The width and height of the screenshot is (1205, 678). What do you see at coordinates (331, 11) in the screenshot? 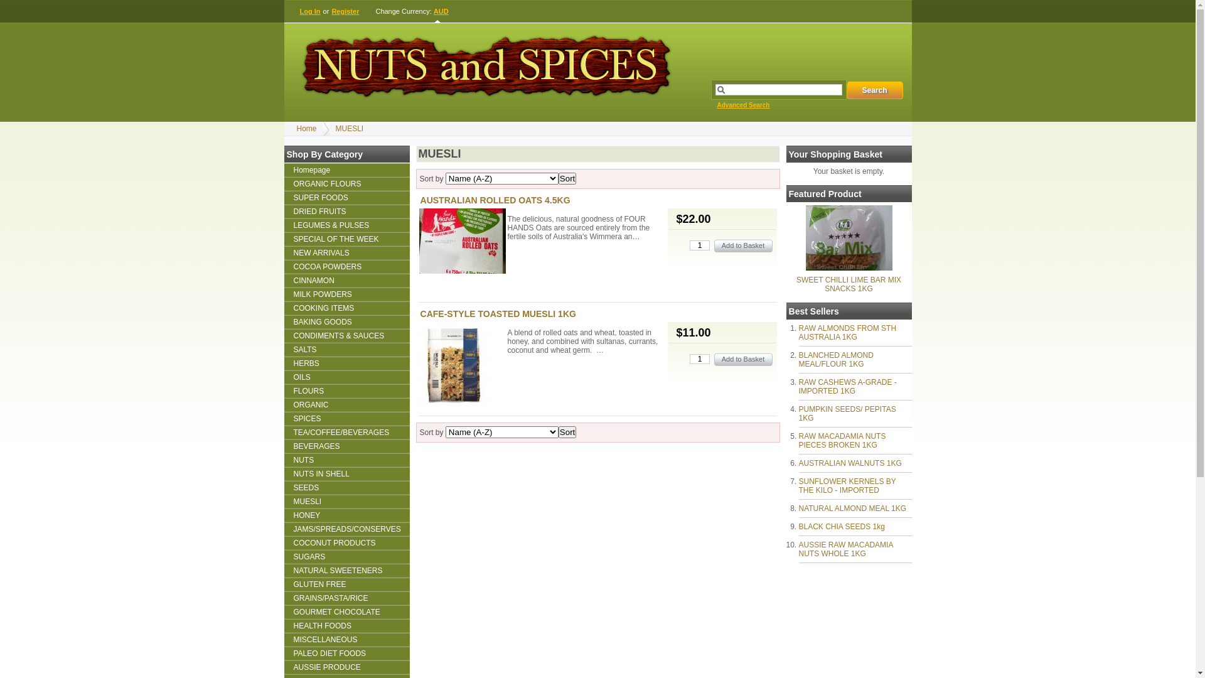
I see `'Register'` at bounding box center [331, 11].